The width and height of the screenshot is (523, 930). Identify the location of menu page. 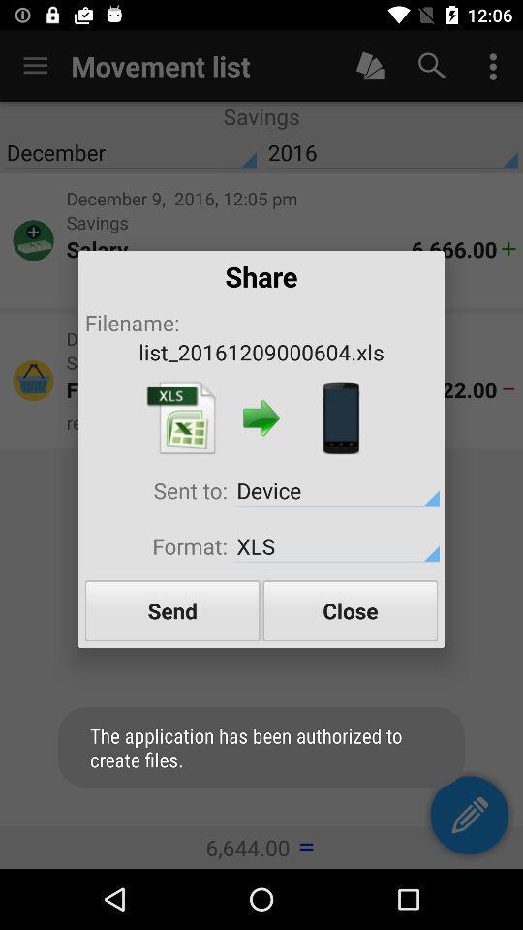
(181, 418).